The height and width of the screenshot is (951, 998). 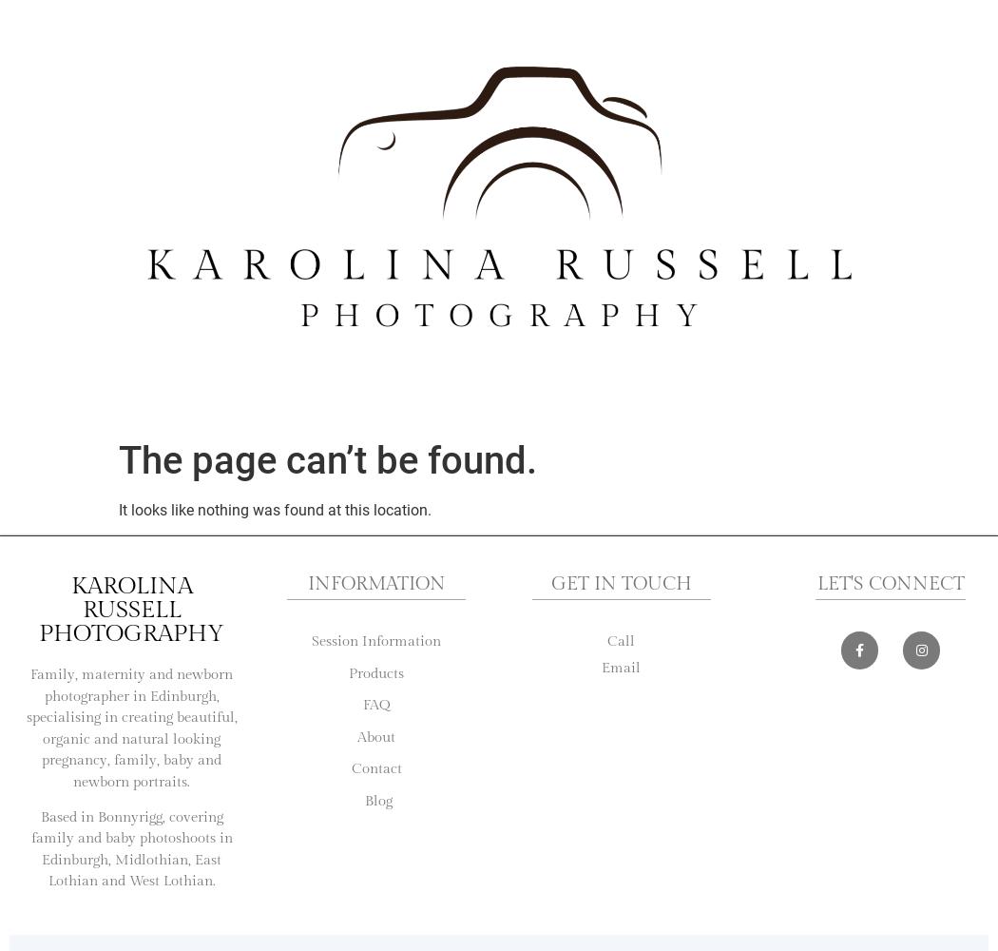 I want to click on 'Call', so click(x=620, y=641).